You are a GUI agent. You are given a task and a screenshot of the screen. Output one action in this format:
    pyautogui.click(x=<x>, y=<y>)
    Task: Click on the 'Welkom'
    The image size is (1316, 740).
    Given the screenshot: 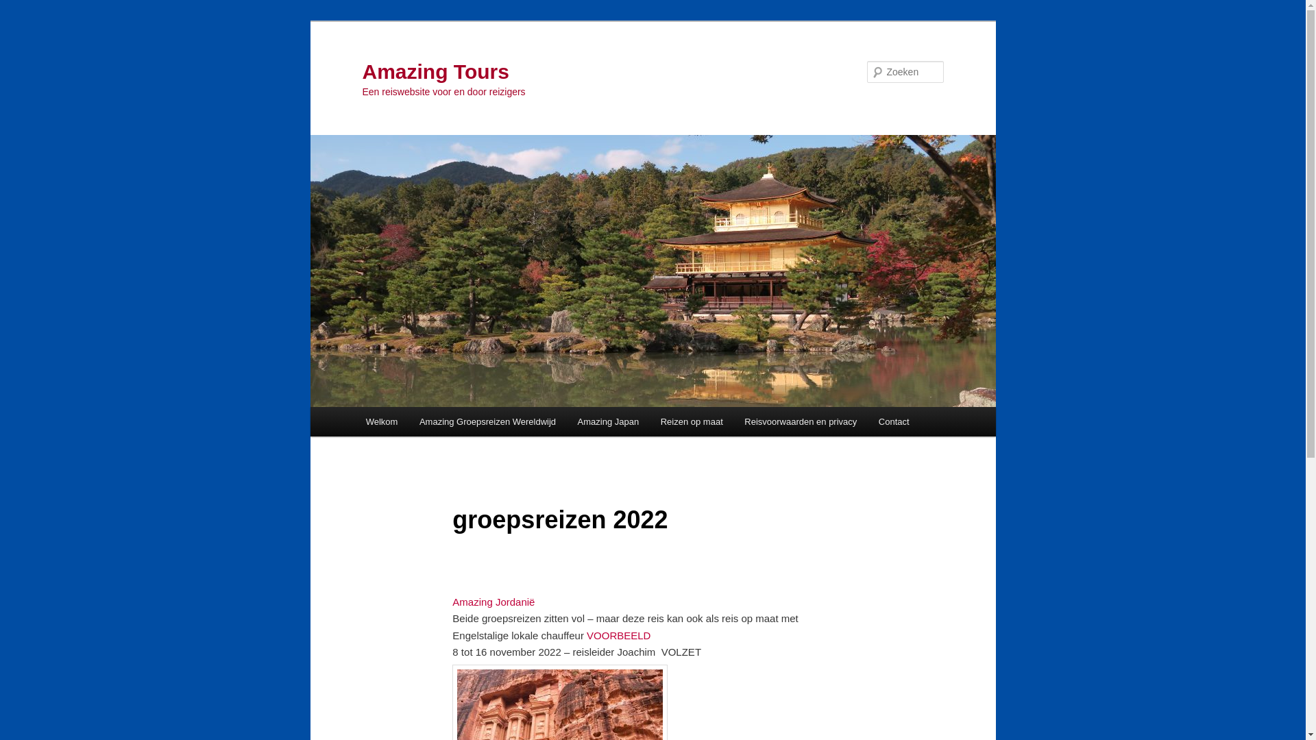 What is the action you would take?
    pyautogui.click(x=381, y=421)
    